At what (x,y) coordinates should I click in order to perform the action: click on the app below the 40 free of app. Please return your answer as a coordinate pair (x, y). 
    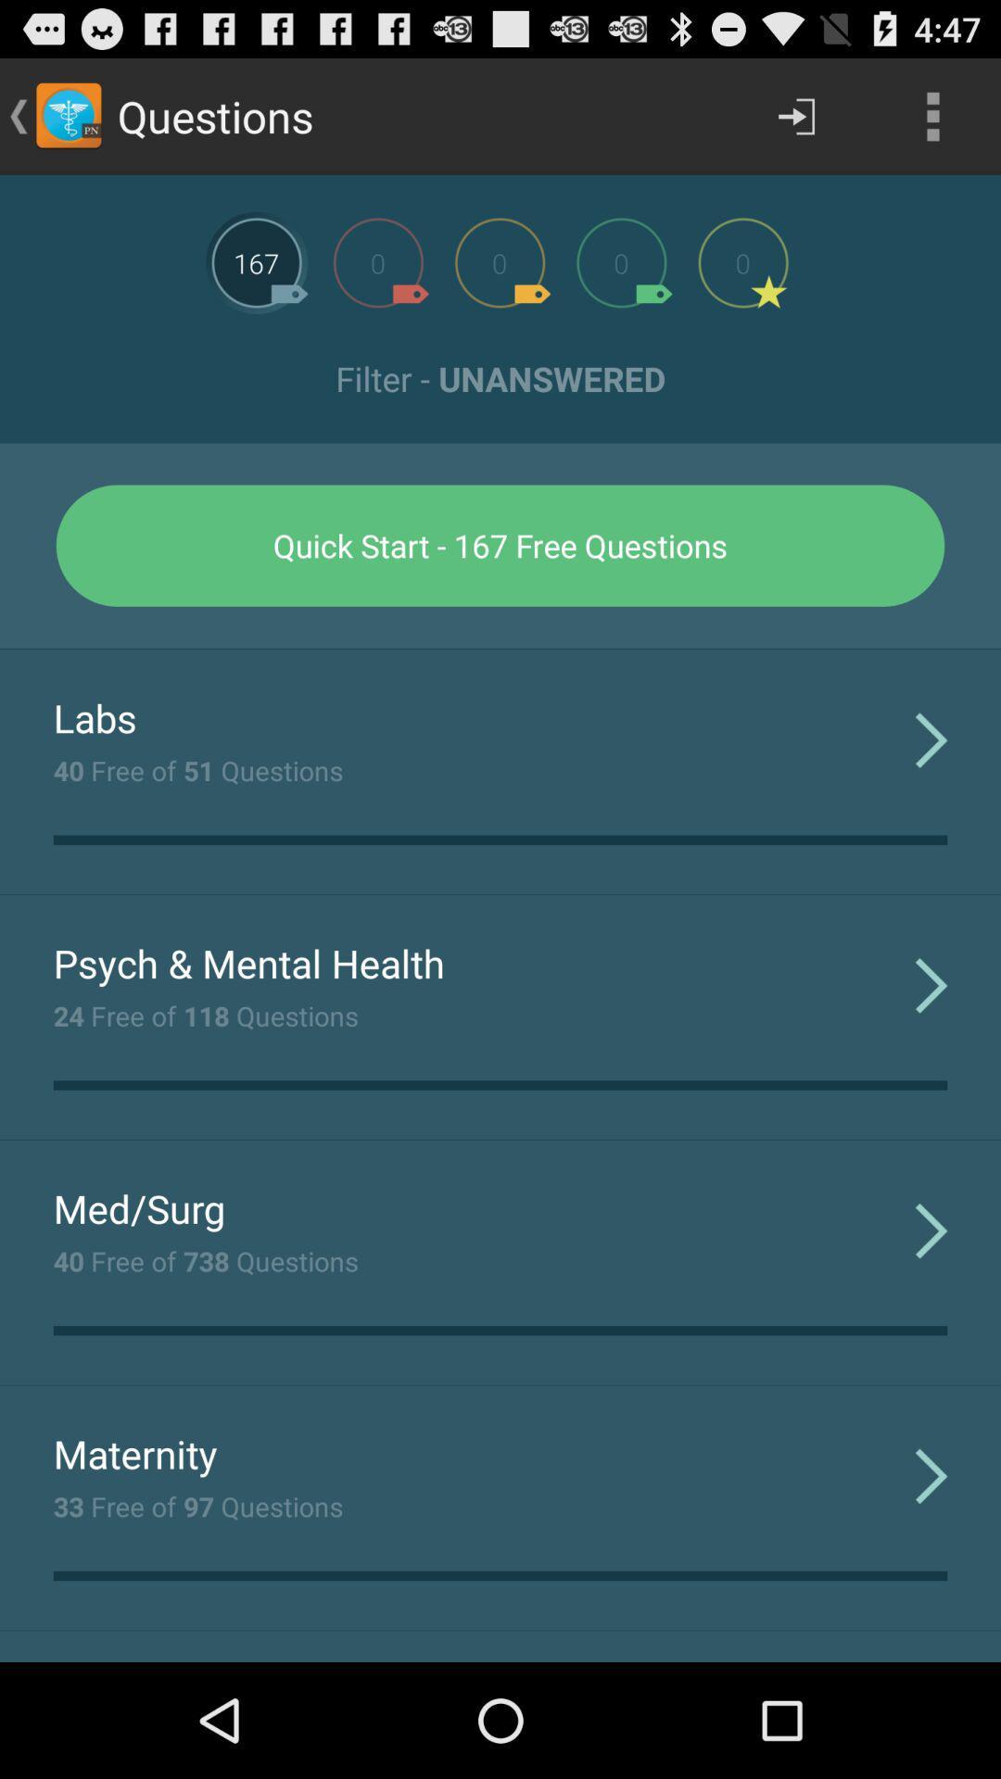
    Looking at the image, I should click on (247, 963).